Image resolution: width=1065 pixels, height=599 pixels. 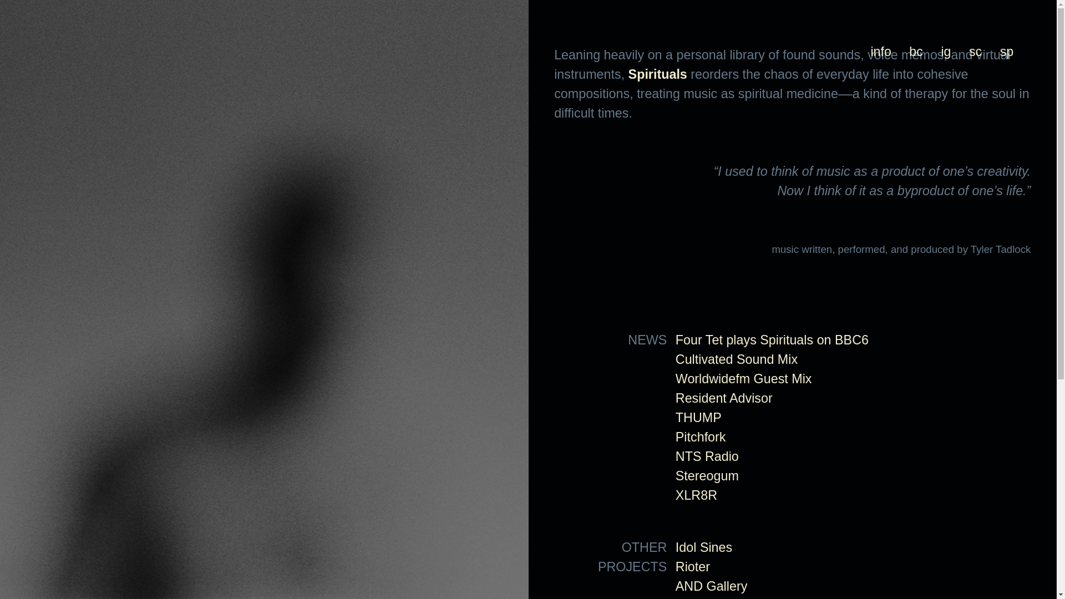 What do you see at coordinates (945, 52) in the screenshot?
I see `'ig'` at bounding box center [945, 52].